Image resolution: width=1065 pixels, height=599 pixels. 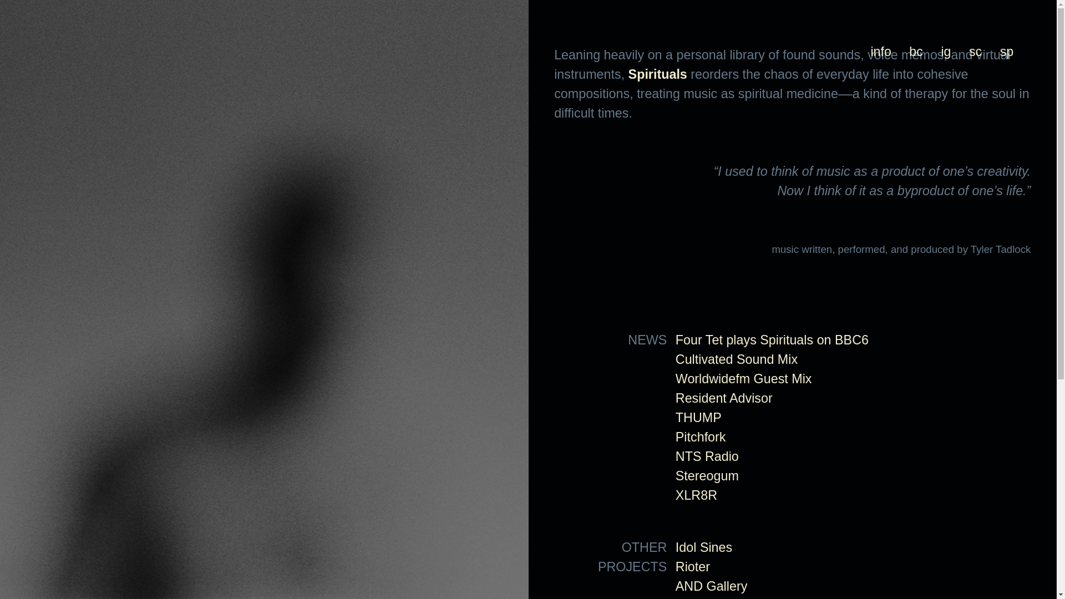 What do you see at coordinates (945, 52) in the screenshot?
I see `'ig'` at bounding box center [945, 52].